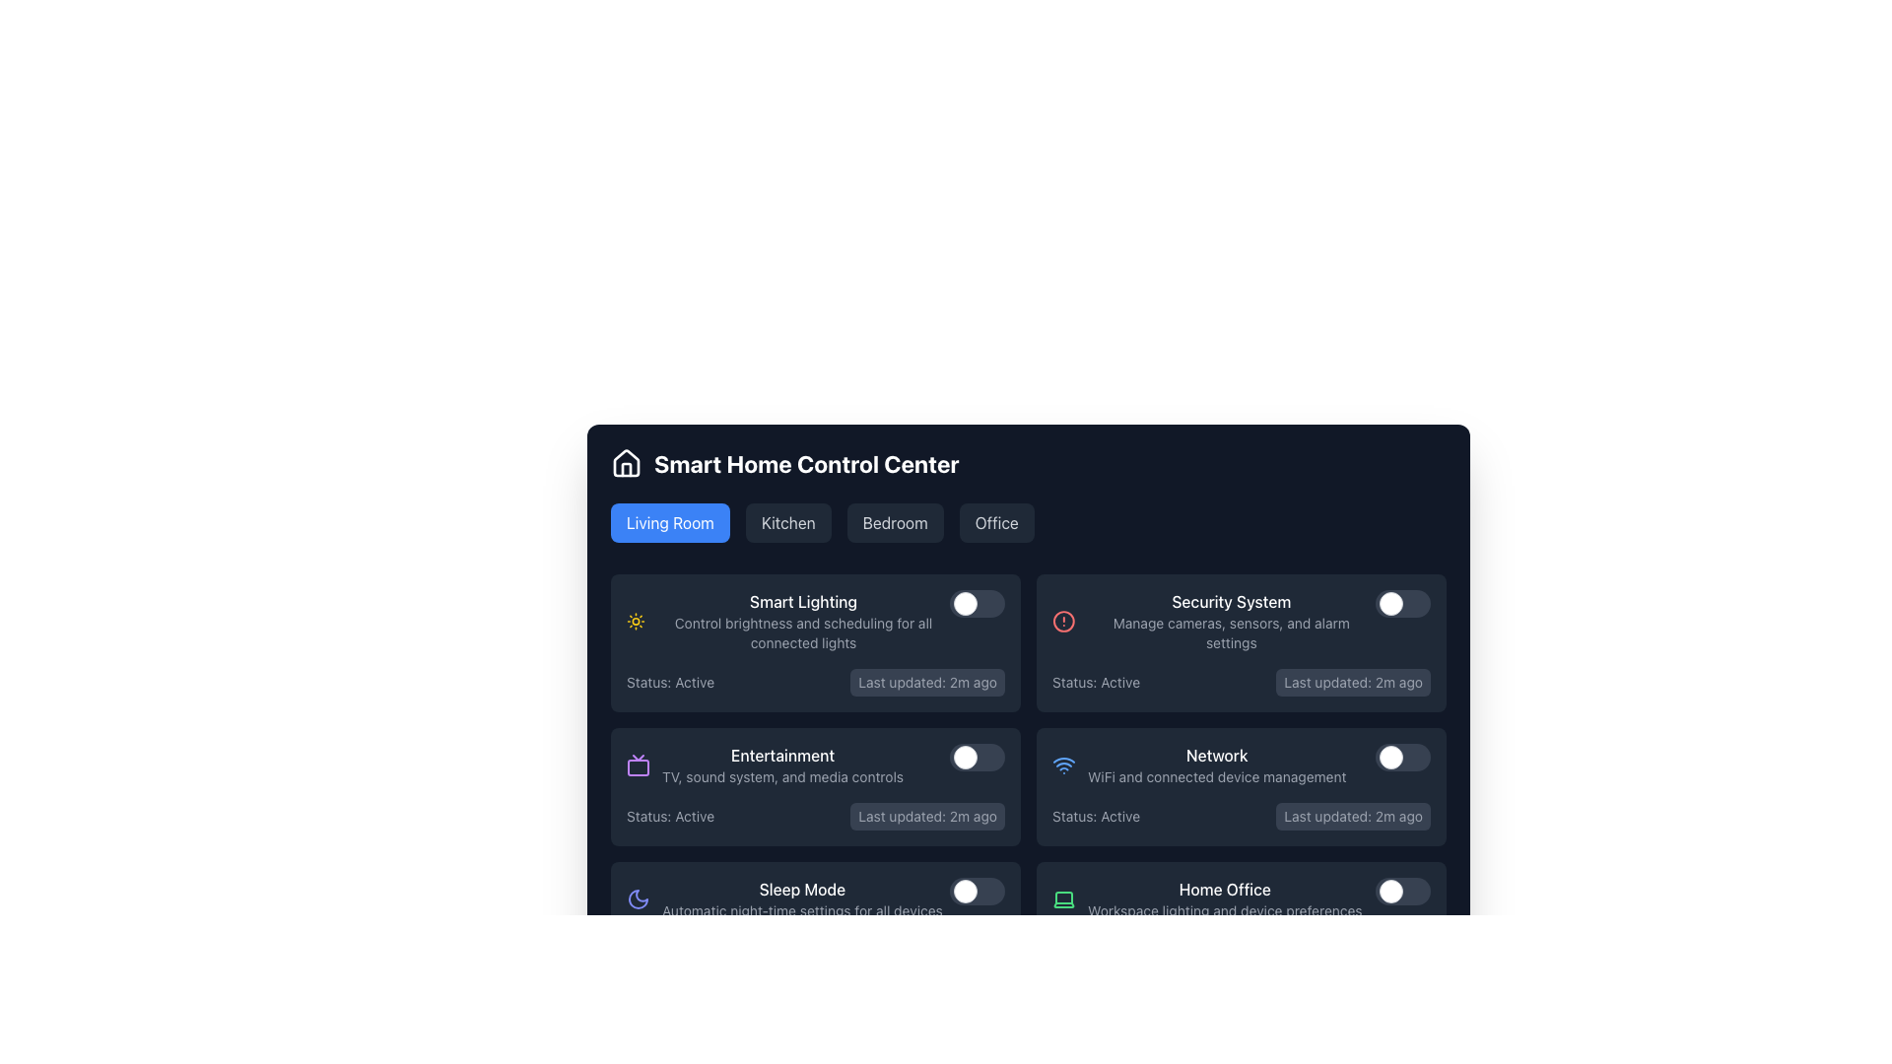 The image size is (1892, 1064). Describe the element at coordinates (1063, 759) in the screenshot. I see `the outermost arc of the Wi-Fi signal icon in the 'Network' section of the smart home interface, which is styled with thin strokes and a blue tint` at that location.